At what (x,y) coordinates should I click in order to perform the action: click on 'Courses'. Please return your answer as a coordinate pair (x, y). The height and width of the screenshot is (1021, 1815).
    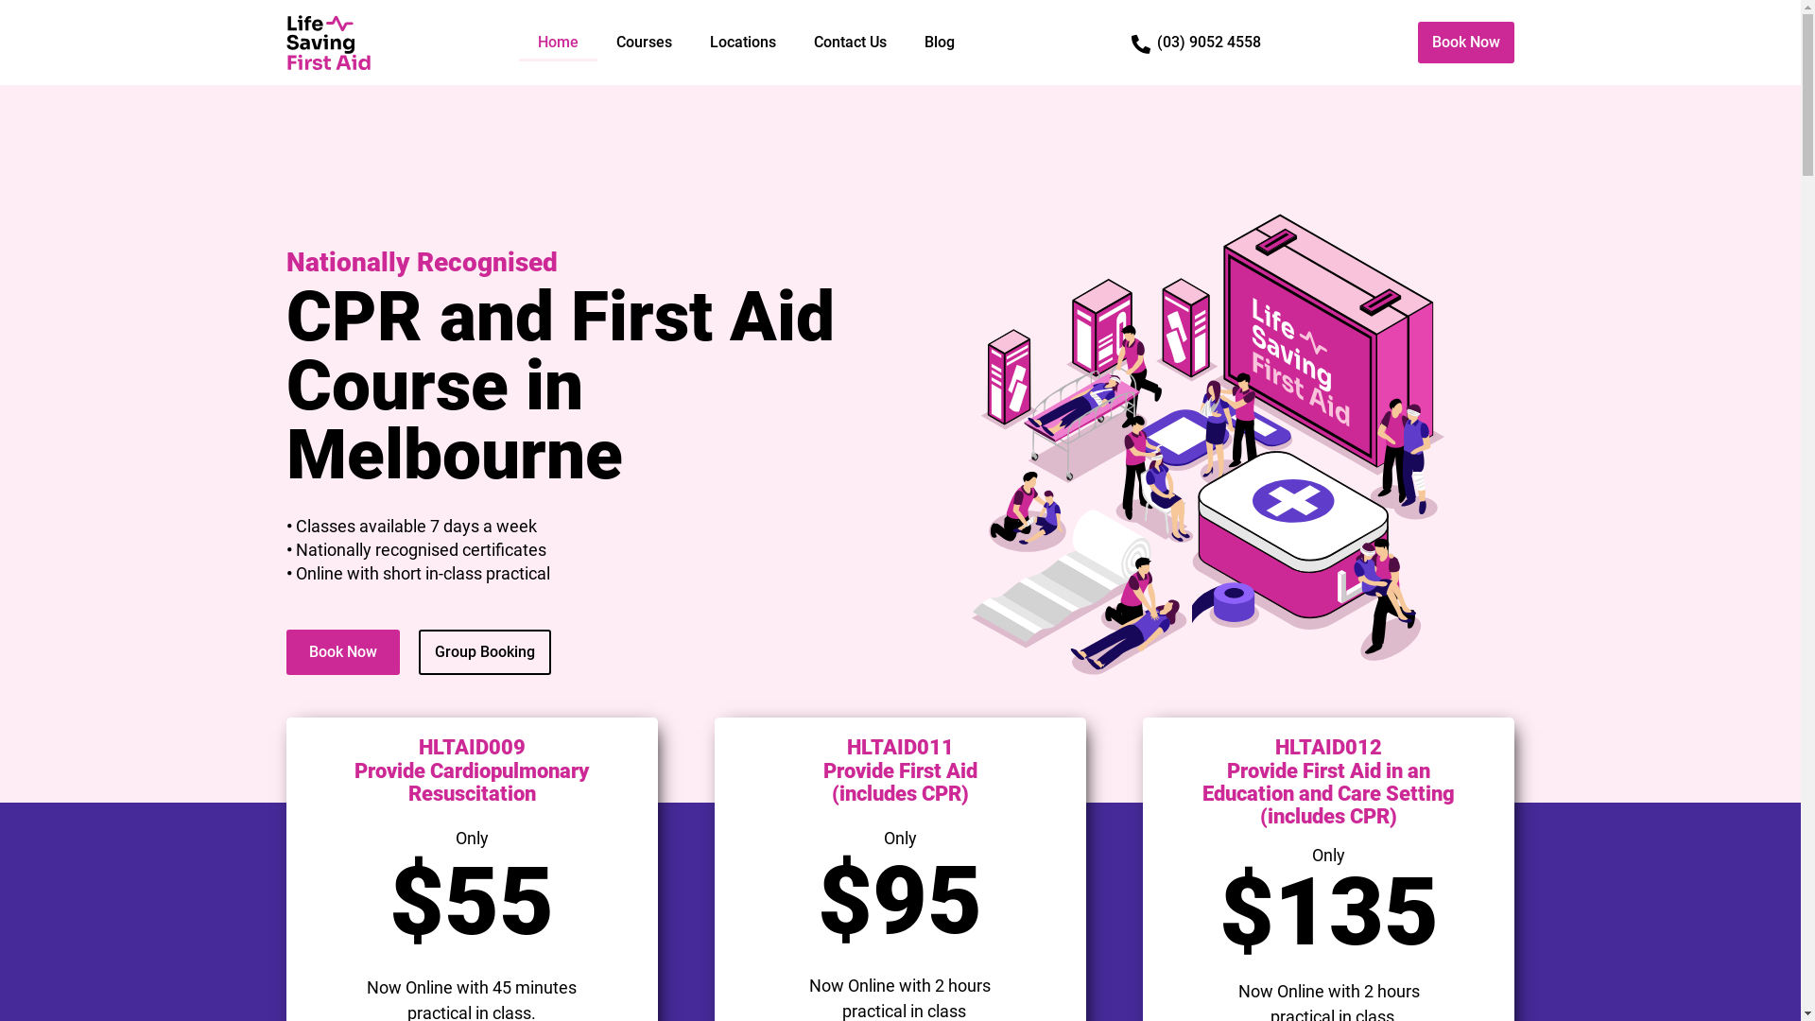
    Looking at the image, I should click on (644, 43).